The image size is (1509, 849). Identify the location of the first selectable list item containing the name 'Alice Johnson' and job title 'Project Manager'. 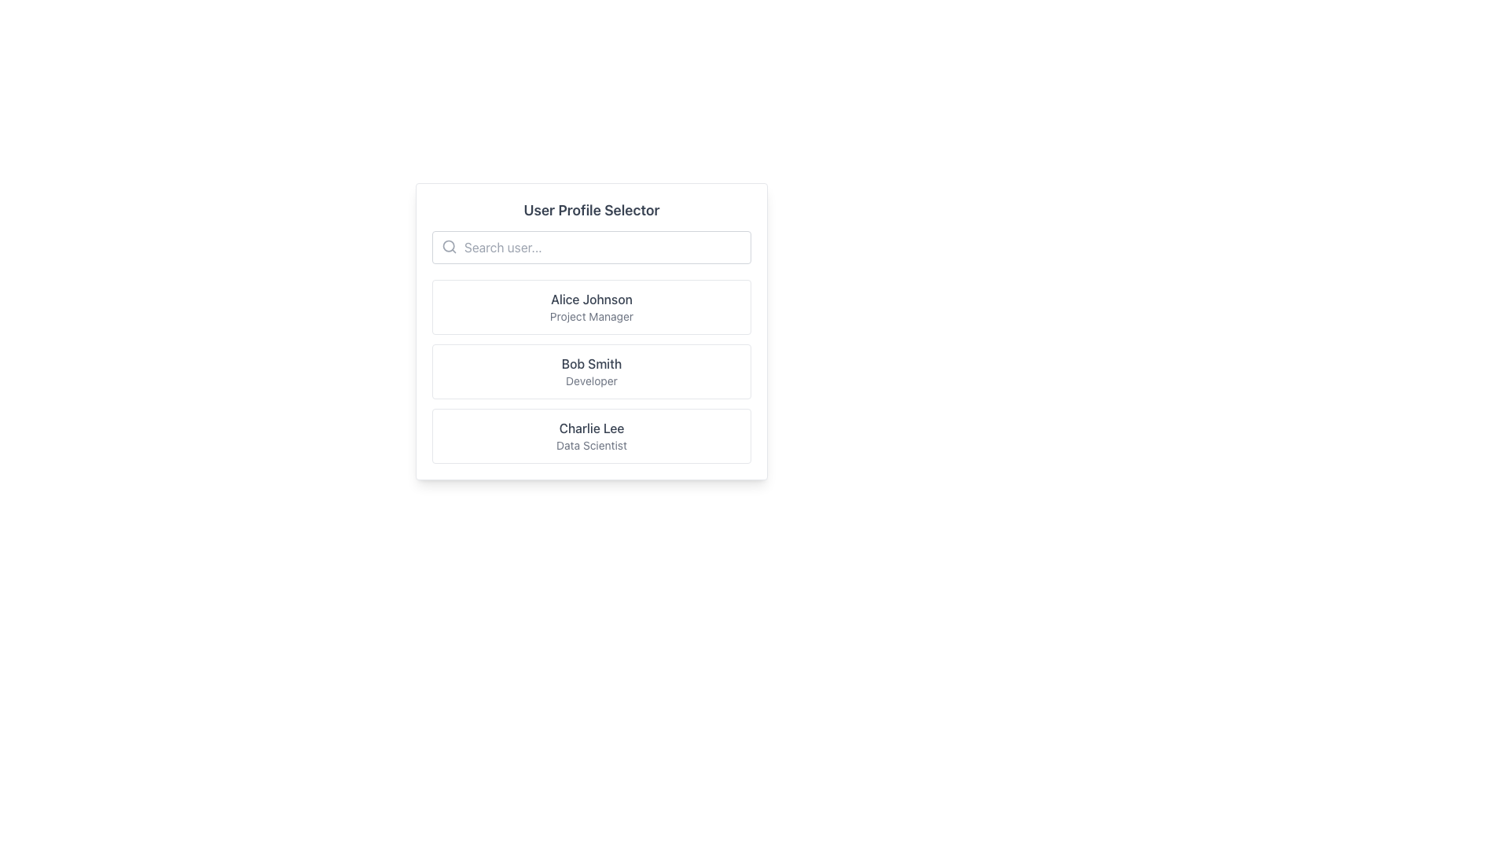
(591, 307).